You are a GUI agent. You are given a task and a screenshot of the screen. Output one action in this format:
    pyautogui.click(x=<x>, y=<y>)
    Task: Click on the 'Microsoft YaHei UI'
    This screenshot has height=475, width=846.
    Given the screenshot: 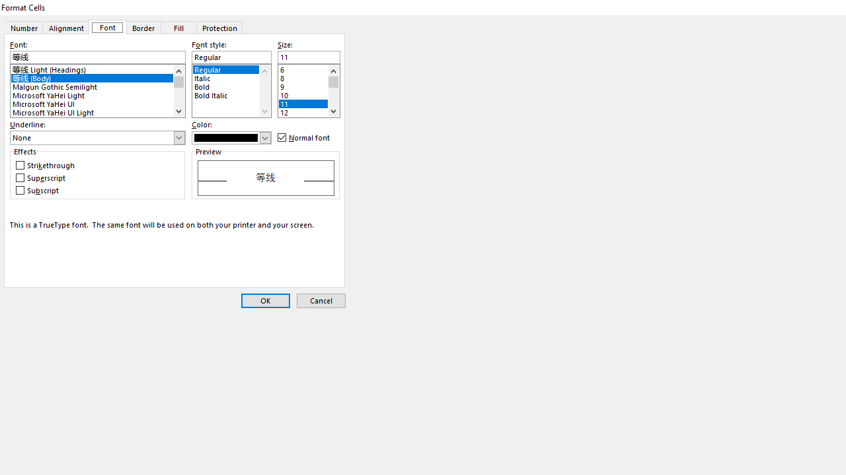 What is the action you would take?
    pyautogui.click(x=97, y=102)
    